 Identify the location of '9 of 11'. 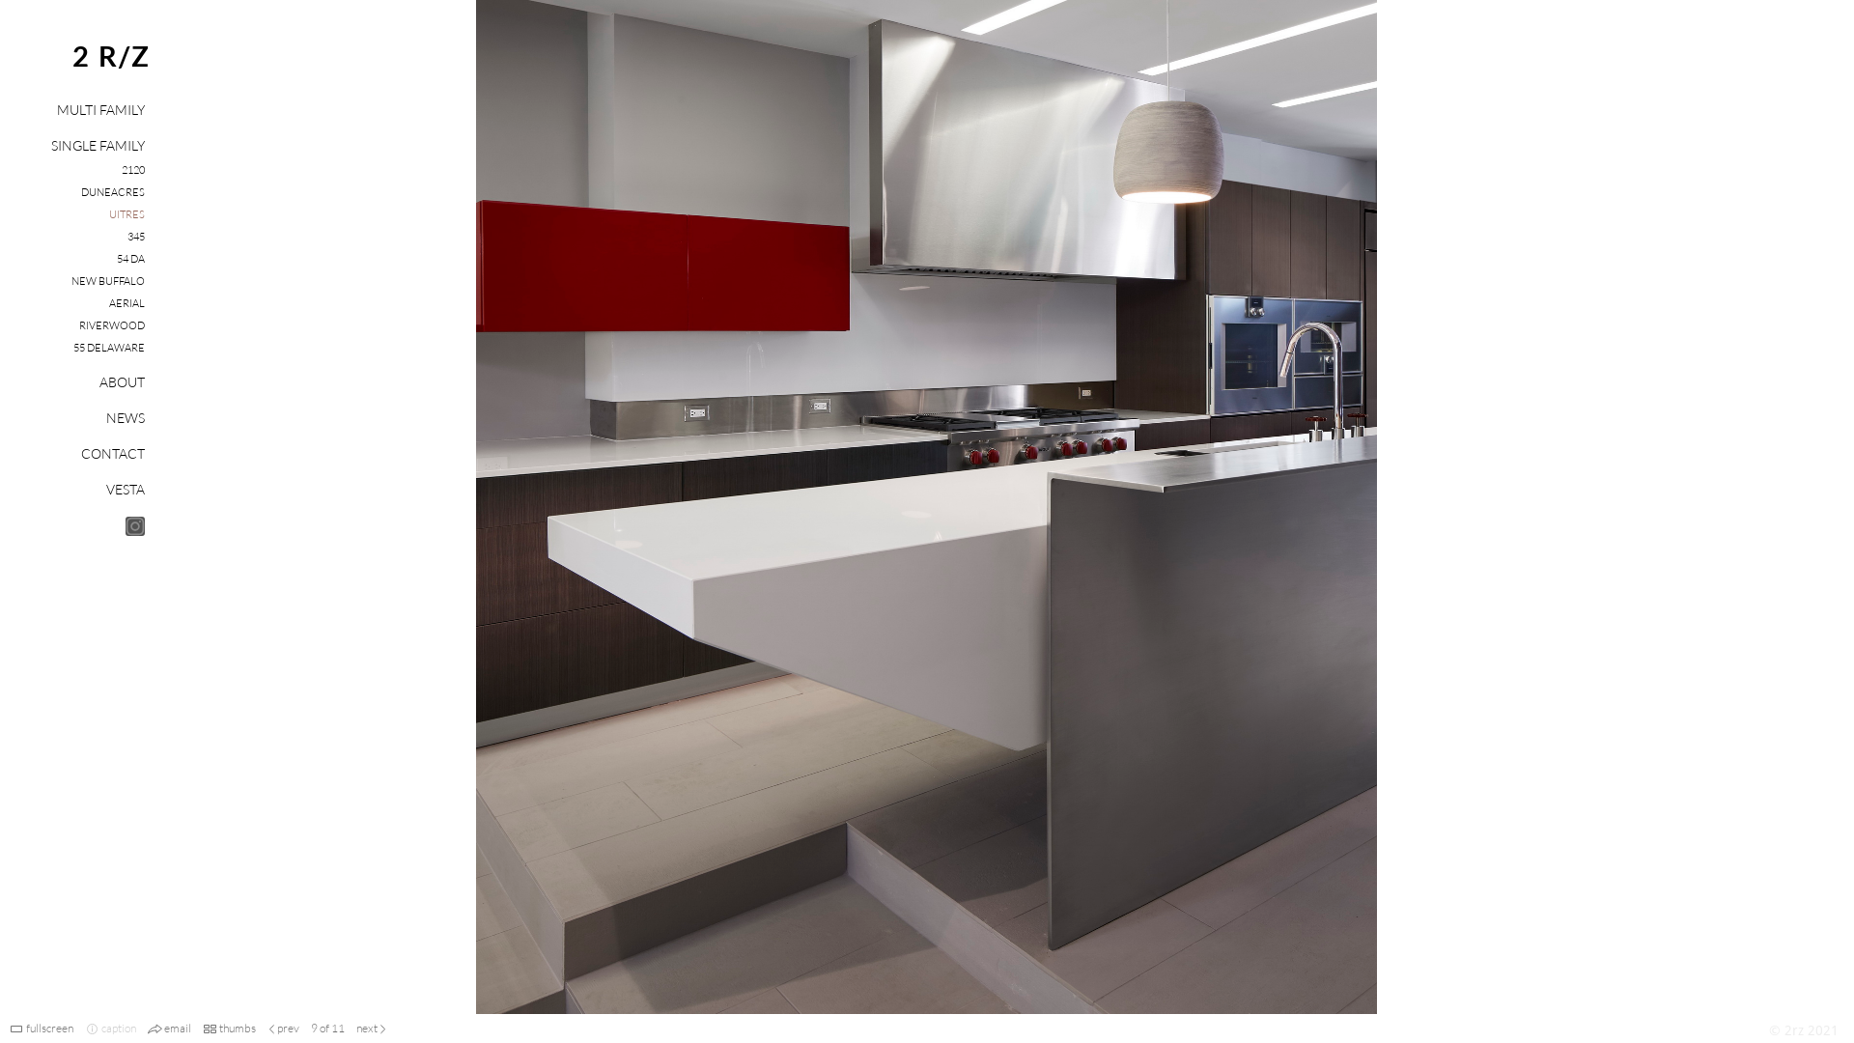
(327, 1026).